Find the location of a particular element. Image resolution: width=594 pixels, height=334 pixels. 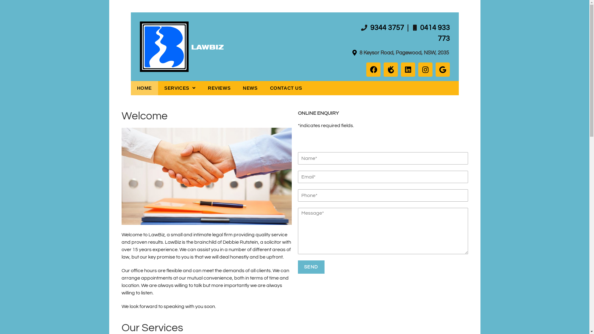

' 0414 933 773' is located at coordinates (419, 33).